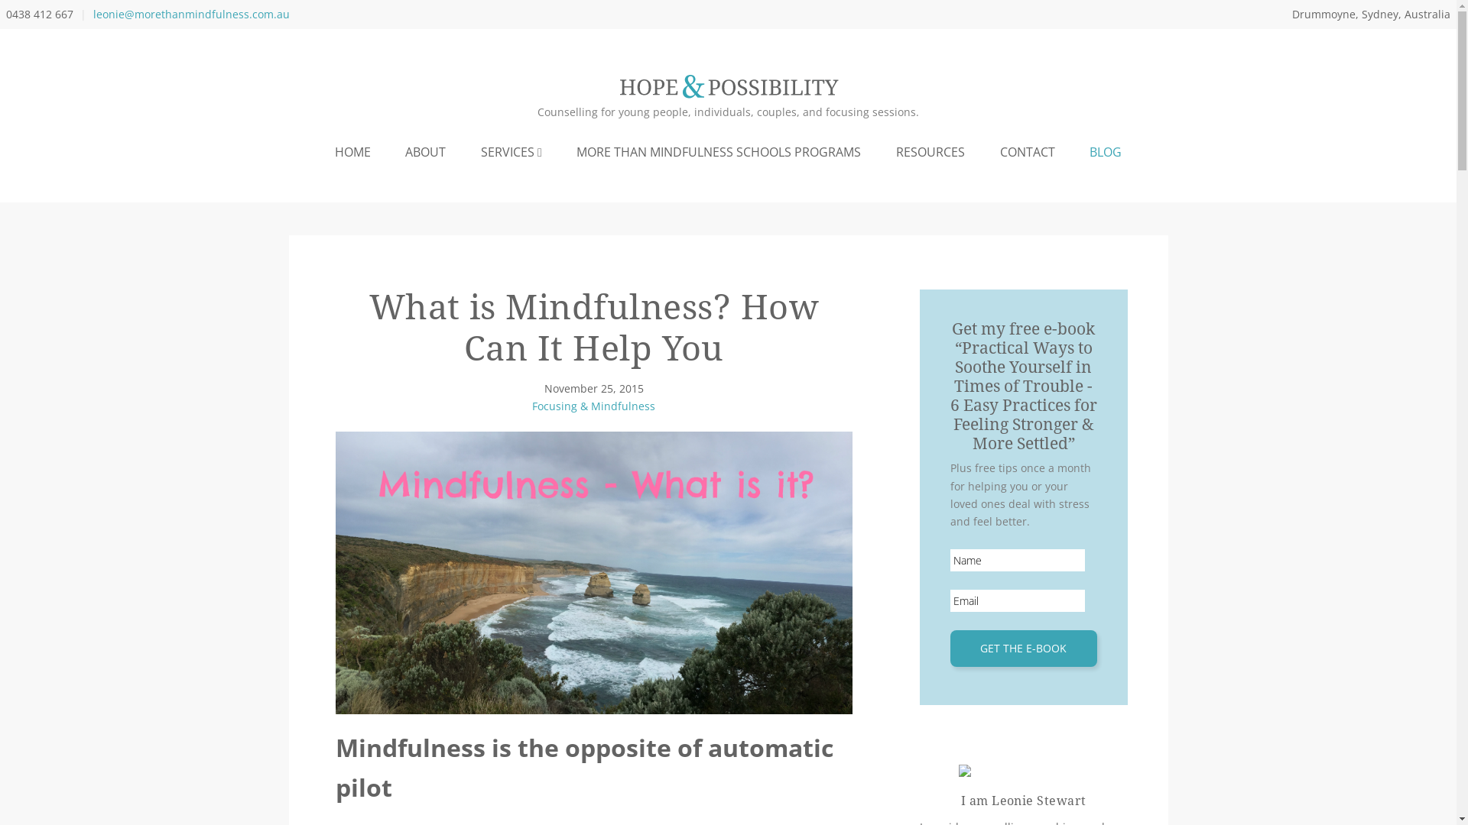 The image size is (1468, 825). What do you see at coordinates (190, 14) in the screenshot?
I see `'leonie@morethanmindfulness.com.au'` at bounding box center [190, 14].